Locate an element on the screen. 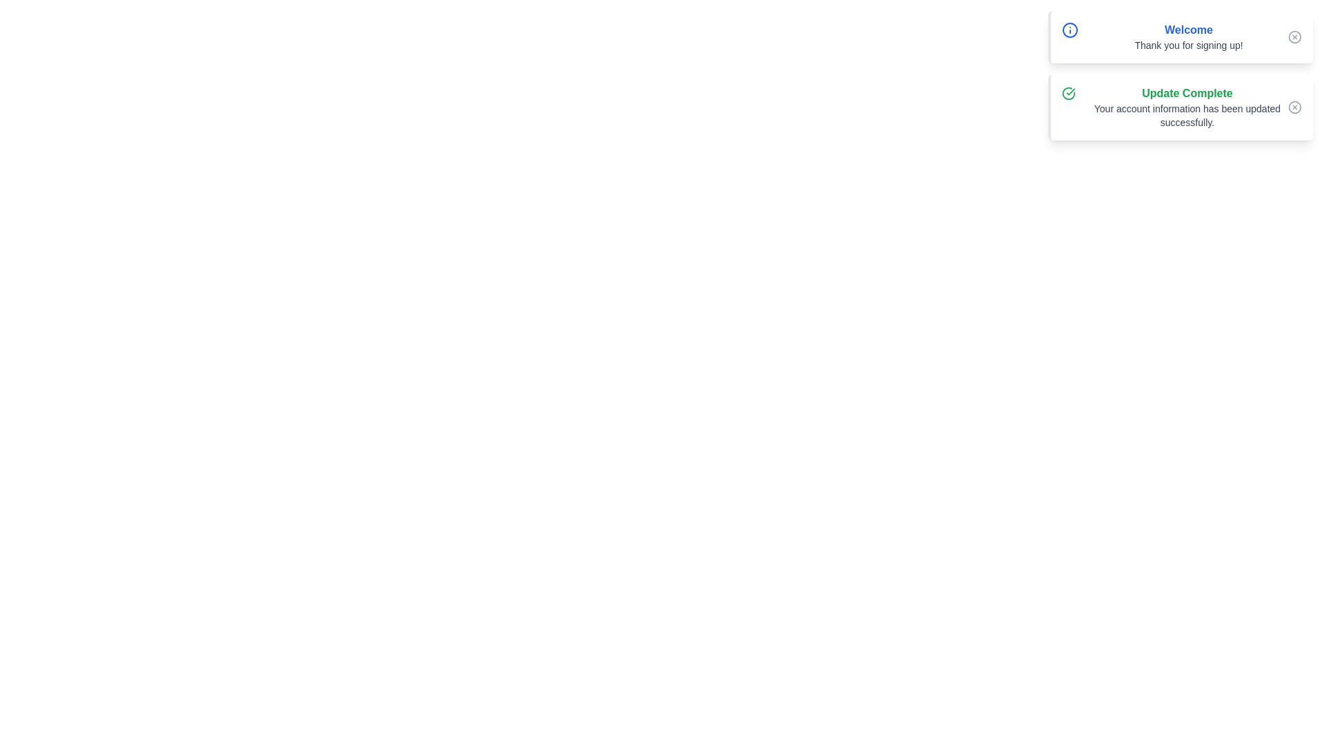 This screenshot has width=1324, height=744. the static text label that says 'Thank you for signing up!', located directly under the bold blue 'Welcome' text within the notification box in the upper right region of the interface is located at coordinates (1187, 44).